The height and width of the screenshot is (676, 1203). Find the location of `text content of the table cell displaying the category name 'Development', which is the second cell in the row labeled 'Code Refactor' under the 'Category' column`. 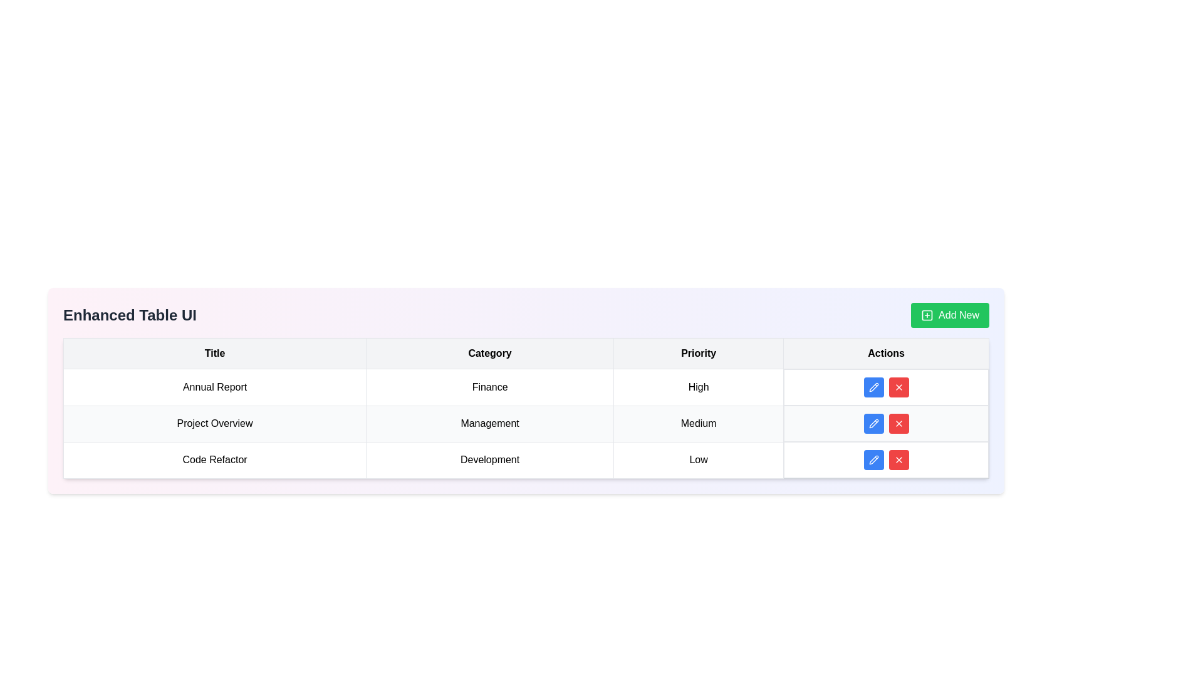

text content of the table cell displaying the category name 'Development', which is the second cell in the row labeled 'Code Refactor' under the 'Category' column is located at coordinates (489, 460).